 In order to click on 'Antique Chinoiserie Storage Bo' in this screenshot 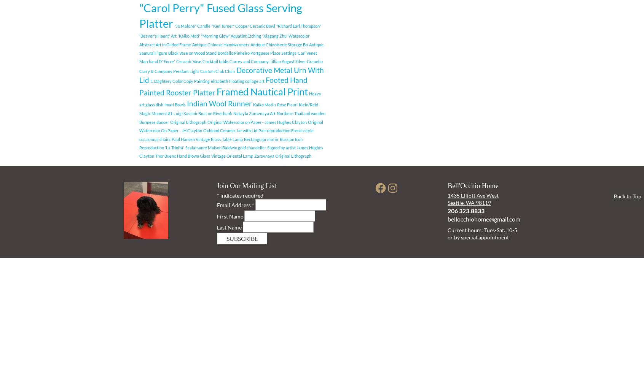, I will do `click(250, 44)`.